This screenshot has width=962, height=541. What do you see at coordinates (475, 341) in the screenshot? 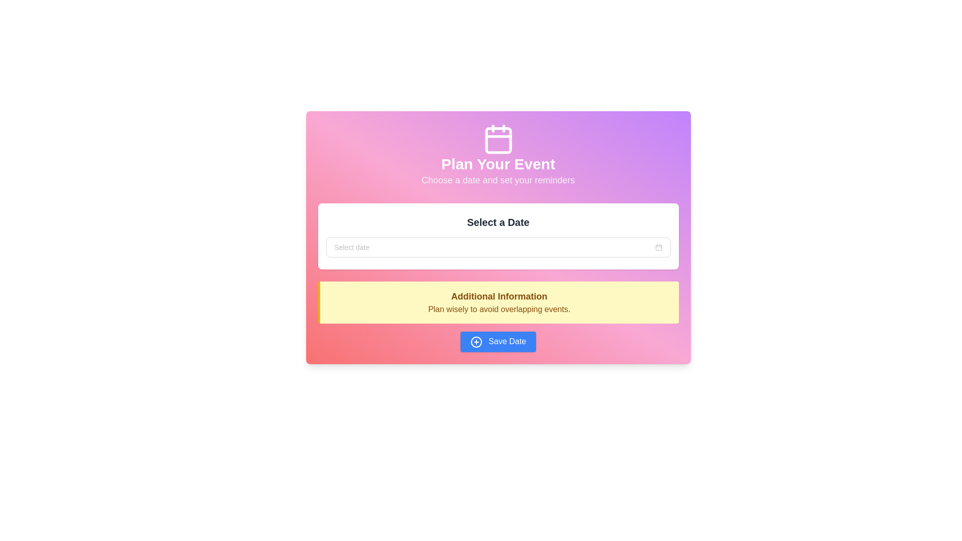
I see `the icon with a plus symbol located to the left of the 'Save Date' text within a blue button at the center bottom of the interface` at bounding box center [475, 341].